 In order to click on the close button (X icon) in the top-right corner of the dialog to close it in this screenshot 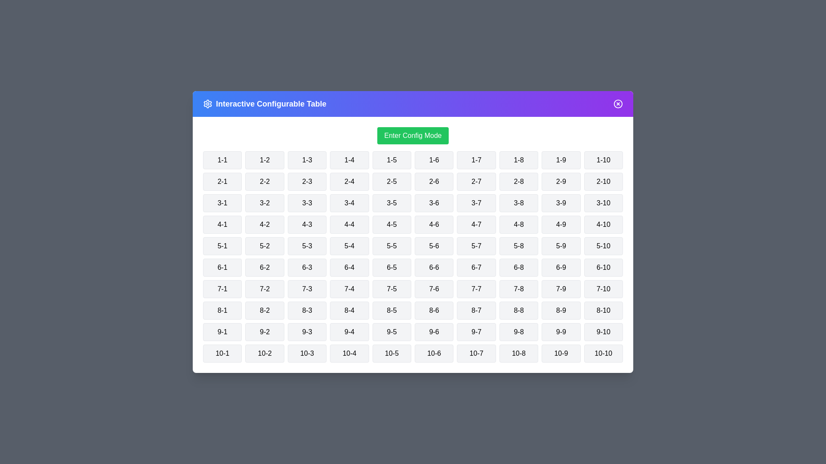, I will do `click(617, 104)`.